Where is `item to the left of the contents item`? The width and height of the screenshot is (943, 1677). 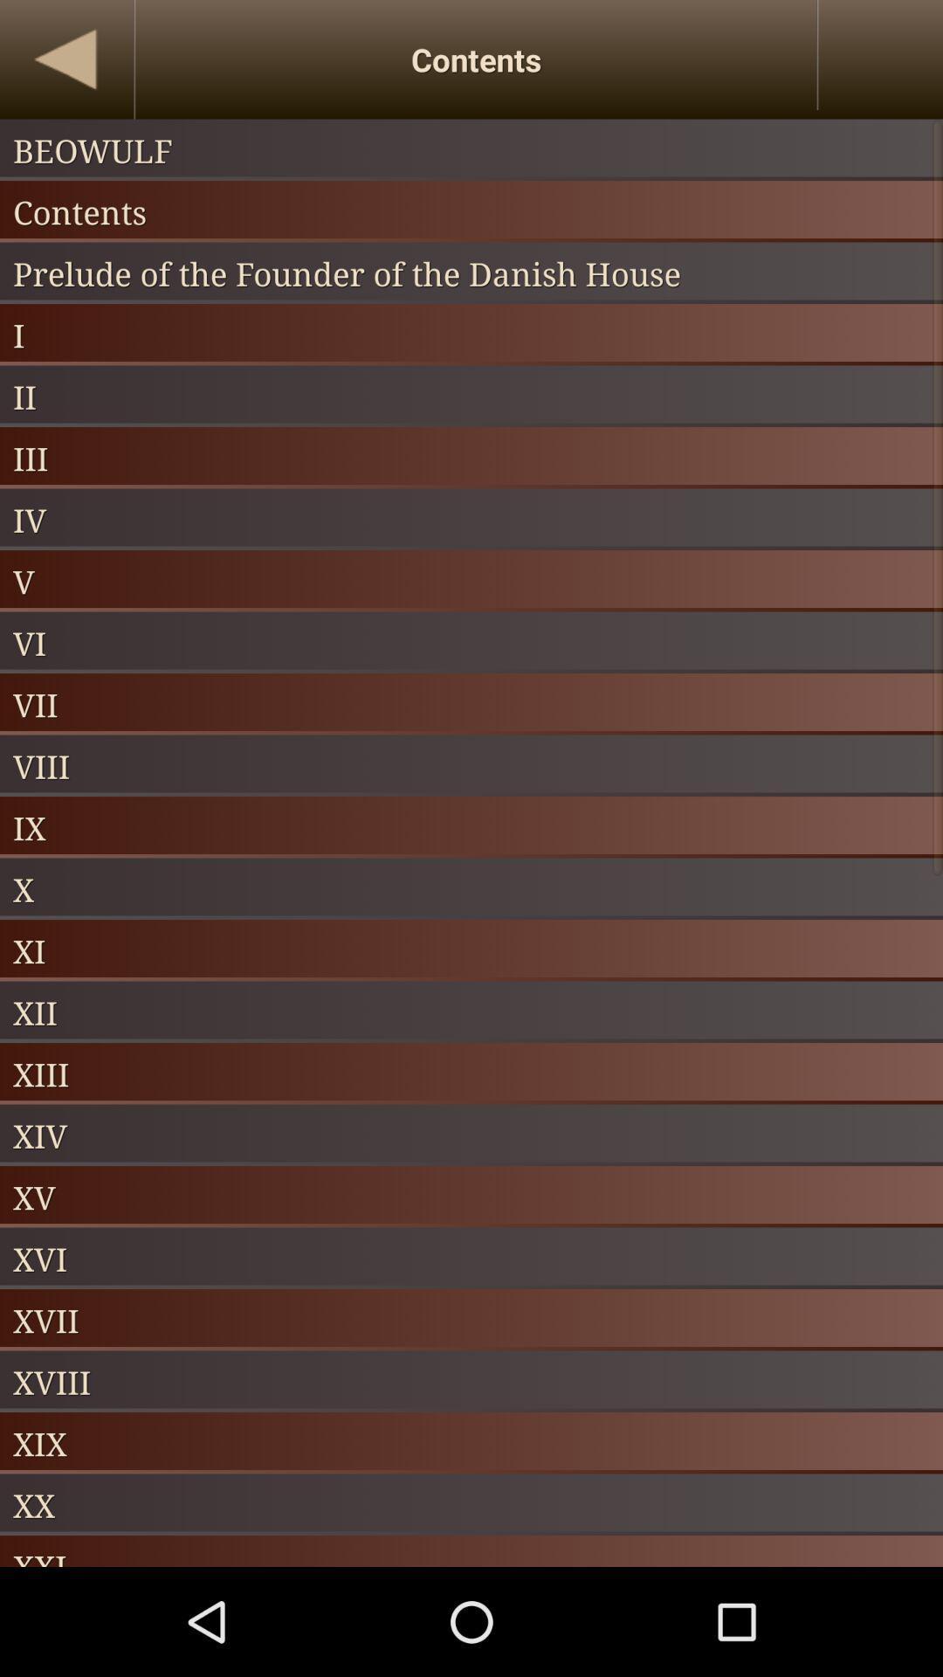 item to the left of the contents item is located at coordinates (65, 59).